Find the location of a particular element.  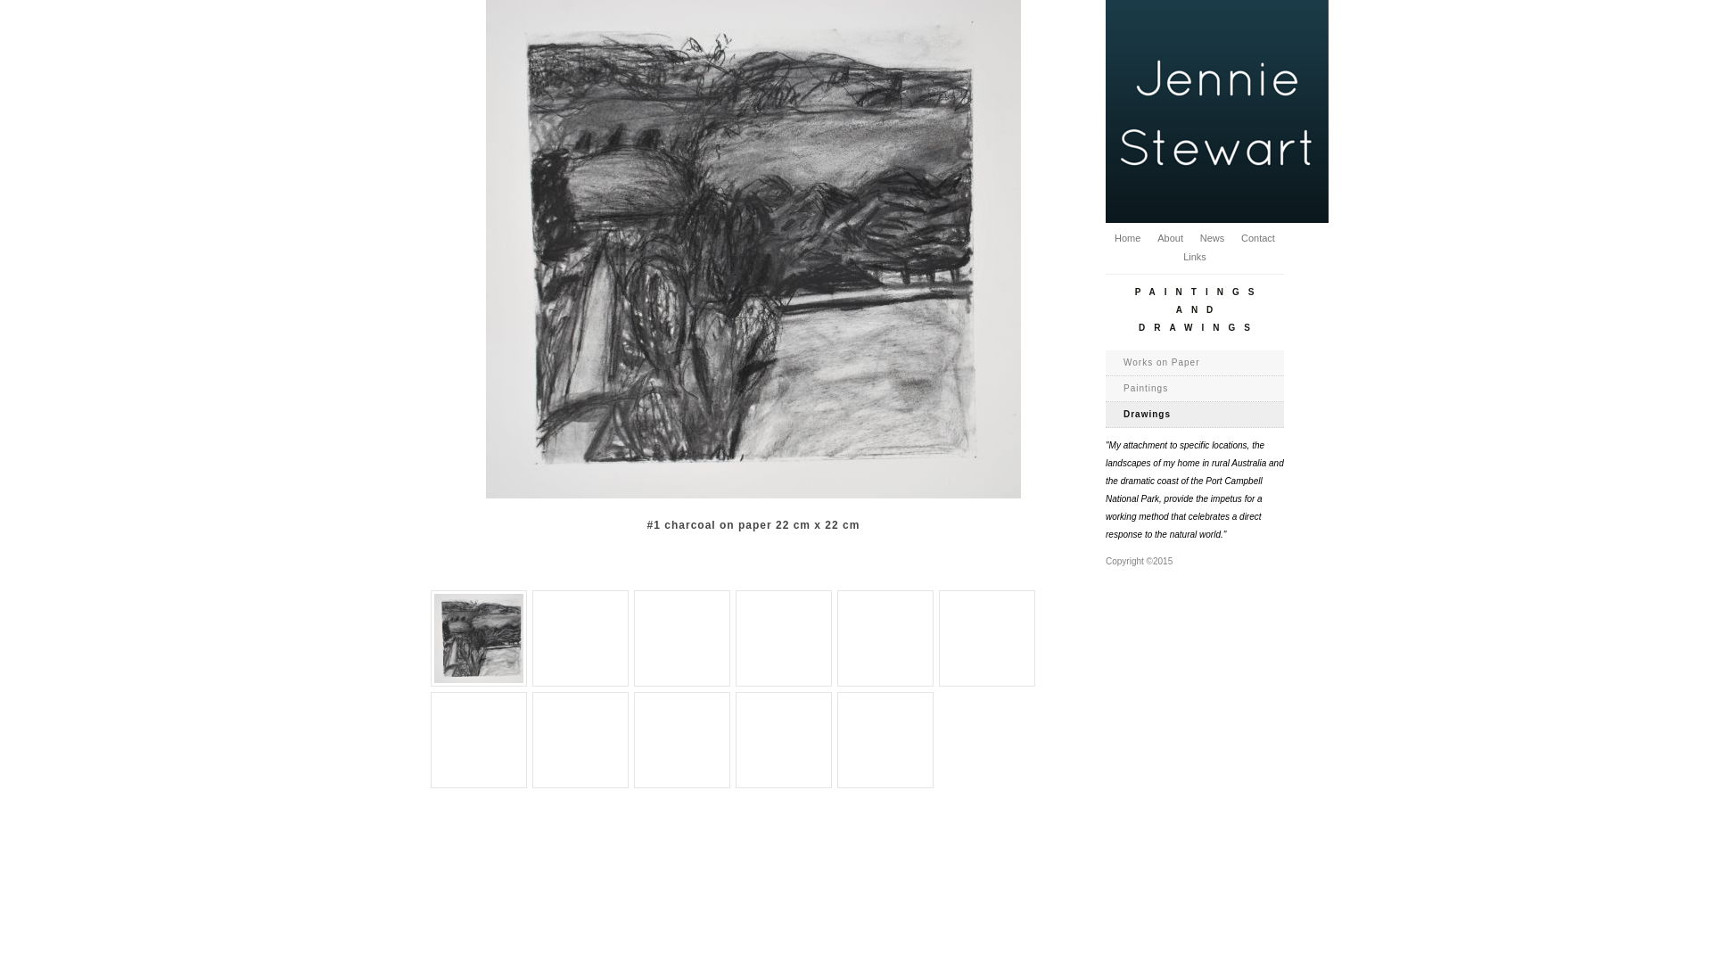

'Works on Paper' is located at coordinates (1194, 362).